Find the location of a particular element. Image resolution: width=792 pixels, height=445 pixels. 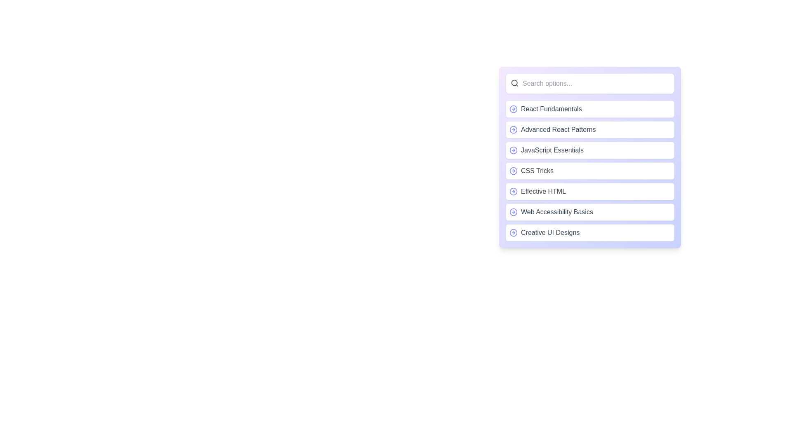

the graphical SVG element representing the search icon located within the search bar at the top of the right pane is located at coordinates (514, 83).